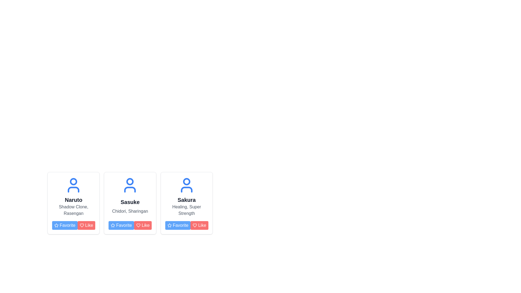  What do you see at coordinates (195, 225) in the screenshot?
I see `the heart-shaped icon with a red fill to like the profile of 'Sakura' located at the bottom right corner of the user interface card` at bounding box center [195, 225].